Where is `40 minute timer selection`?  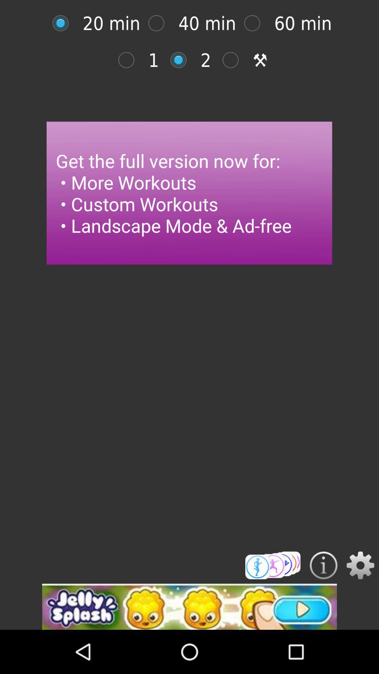 40 minute timer selection is located at coordinates (160, 23).